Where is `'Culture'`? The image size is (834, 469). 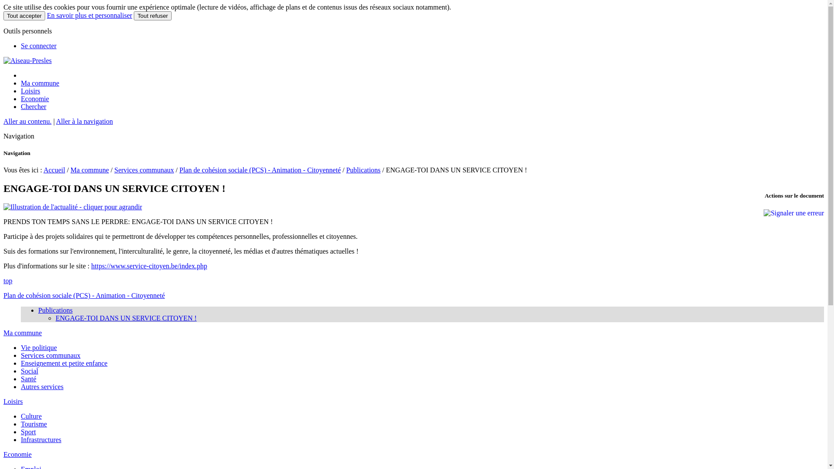 'Culture' is located at coordinates (31, 416).